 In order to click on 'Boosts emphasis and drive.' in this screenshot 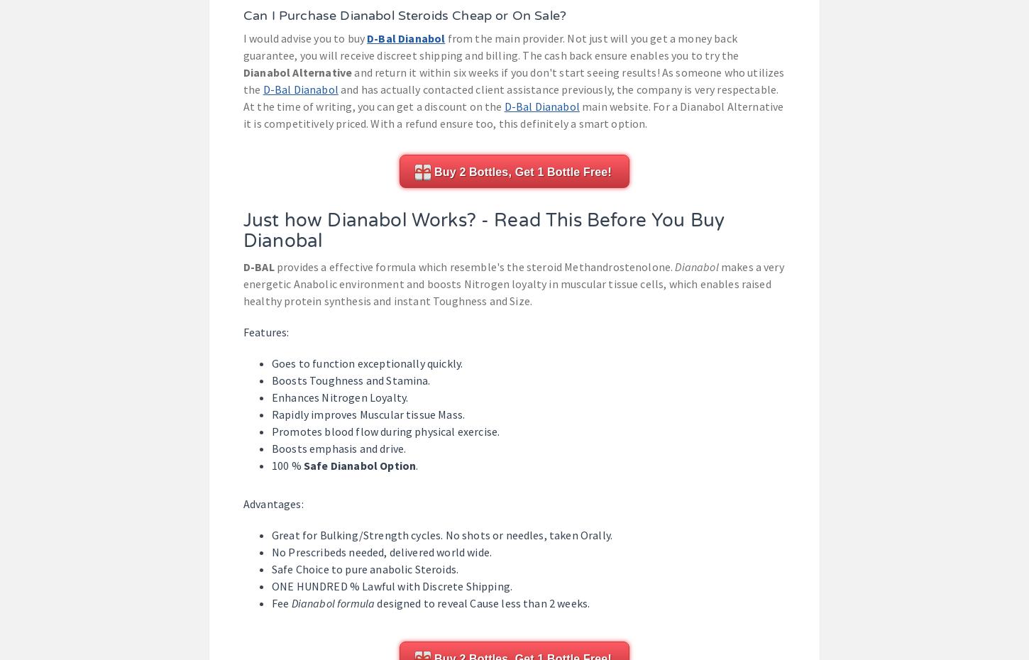, I will do `click(338, 447)`.